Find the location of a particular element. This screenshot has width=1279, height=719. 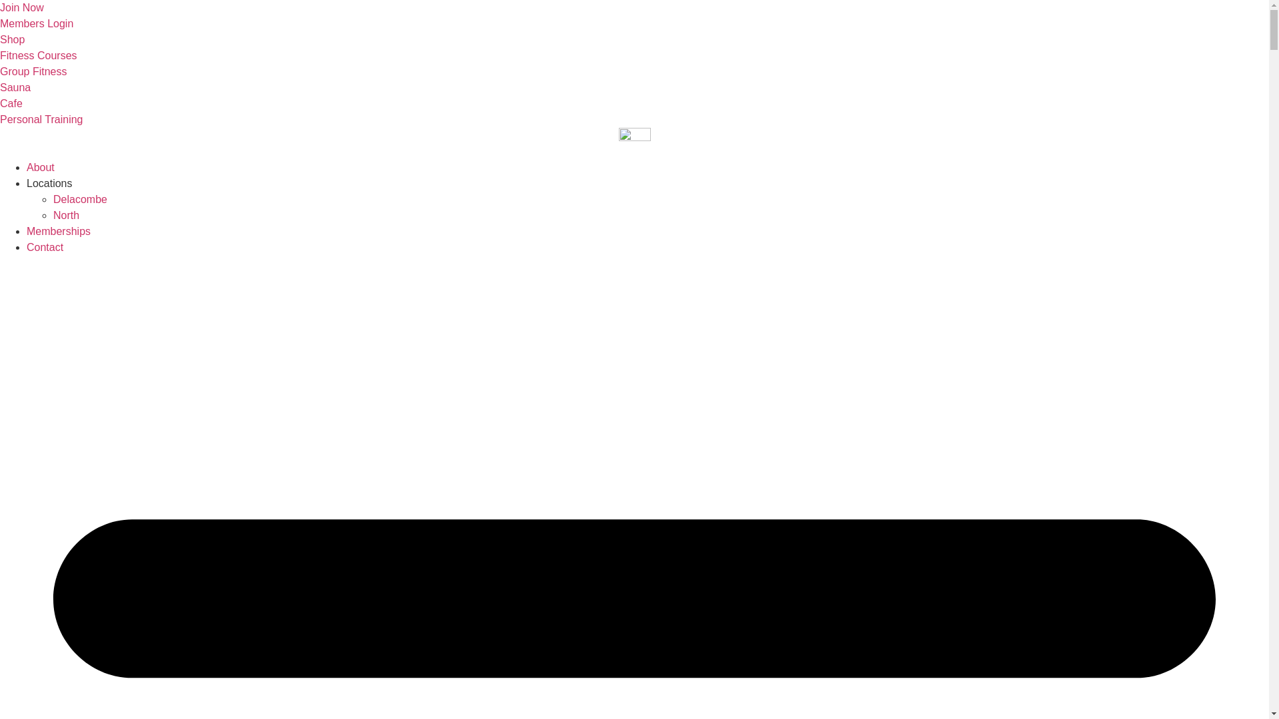

'Shop' is located at coordinates (12, 39).